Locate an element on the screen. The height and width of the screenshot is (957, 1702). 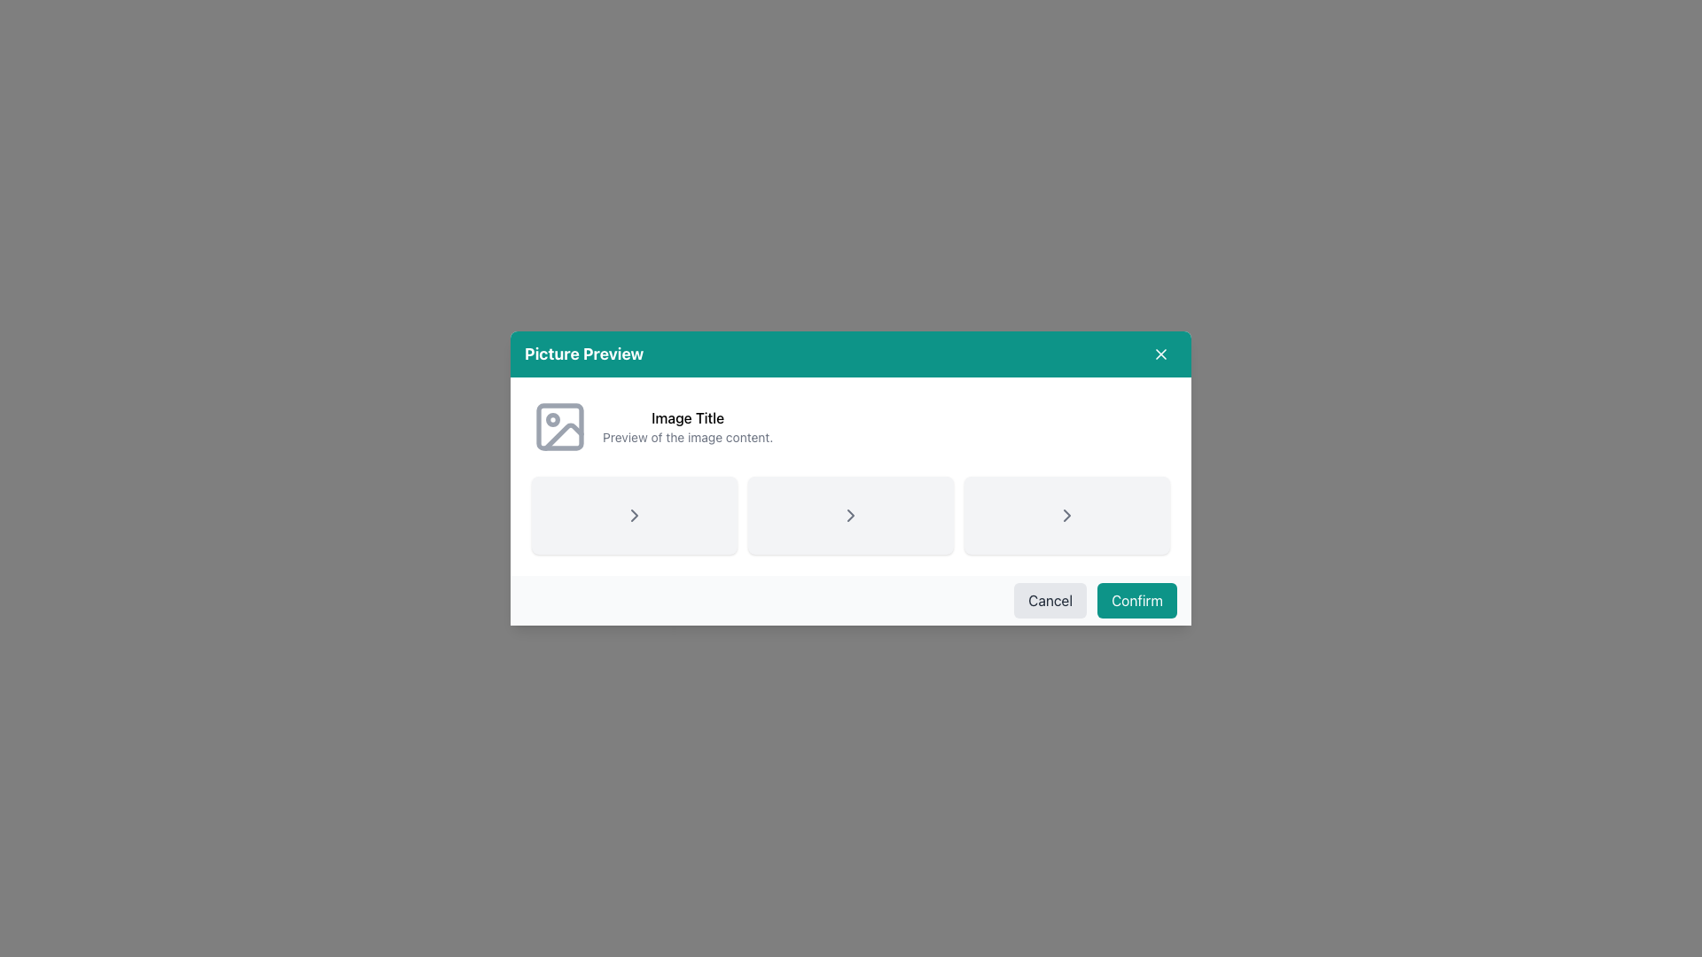
the arrow button in the modal dialog is located at coordinates (851, 478).